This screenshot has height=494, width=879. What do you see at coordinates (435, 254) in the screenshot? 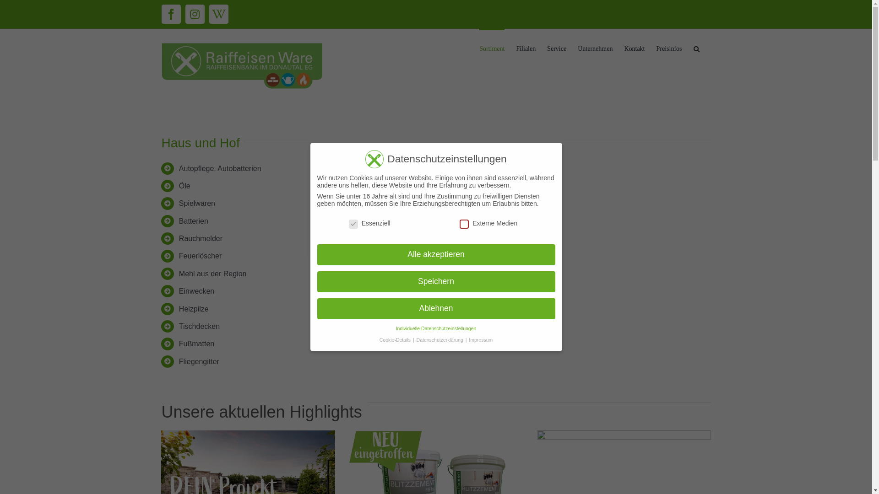
I see `'Alle akzeptieren'` at bounding box center [435, 254].